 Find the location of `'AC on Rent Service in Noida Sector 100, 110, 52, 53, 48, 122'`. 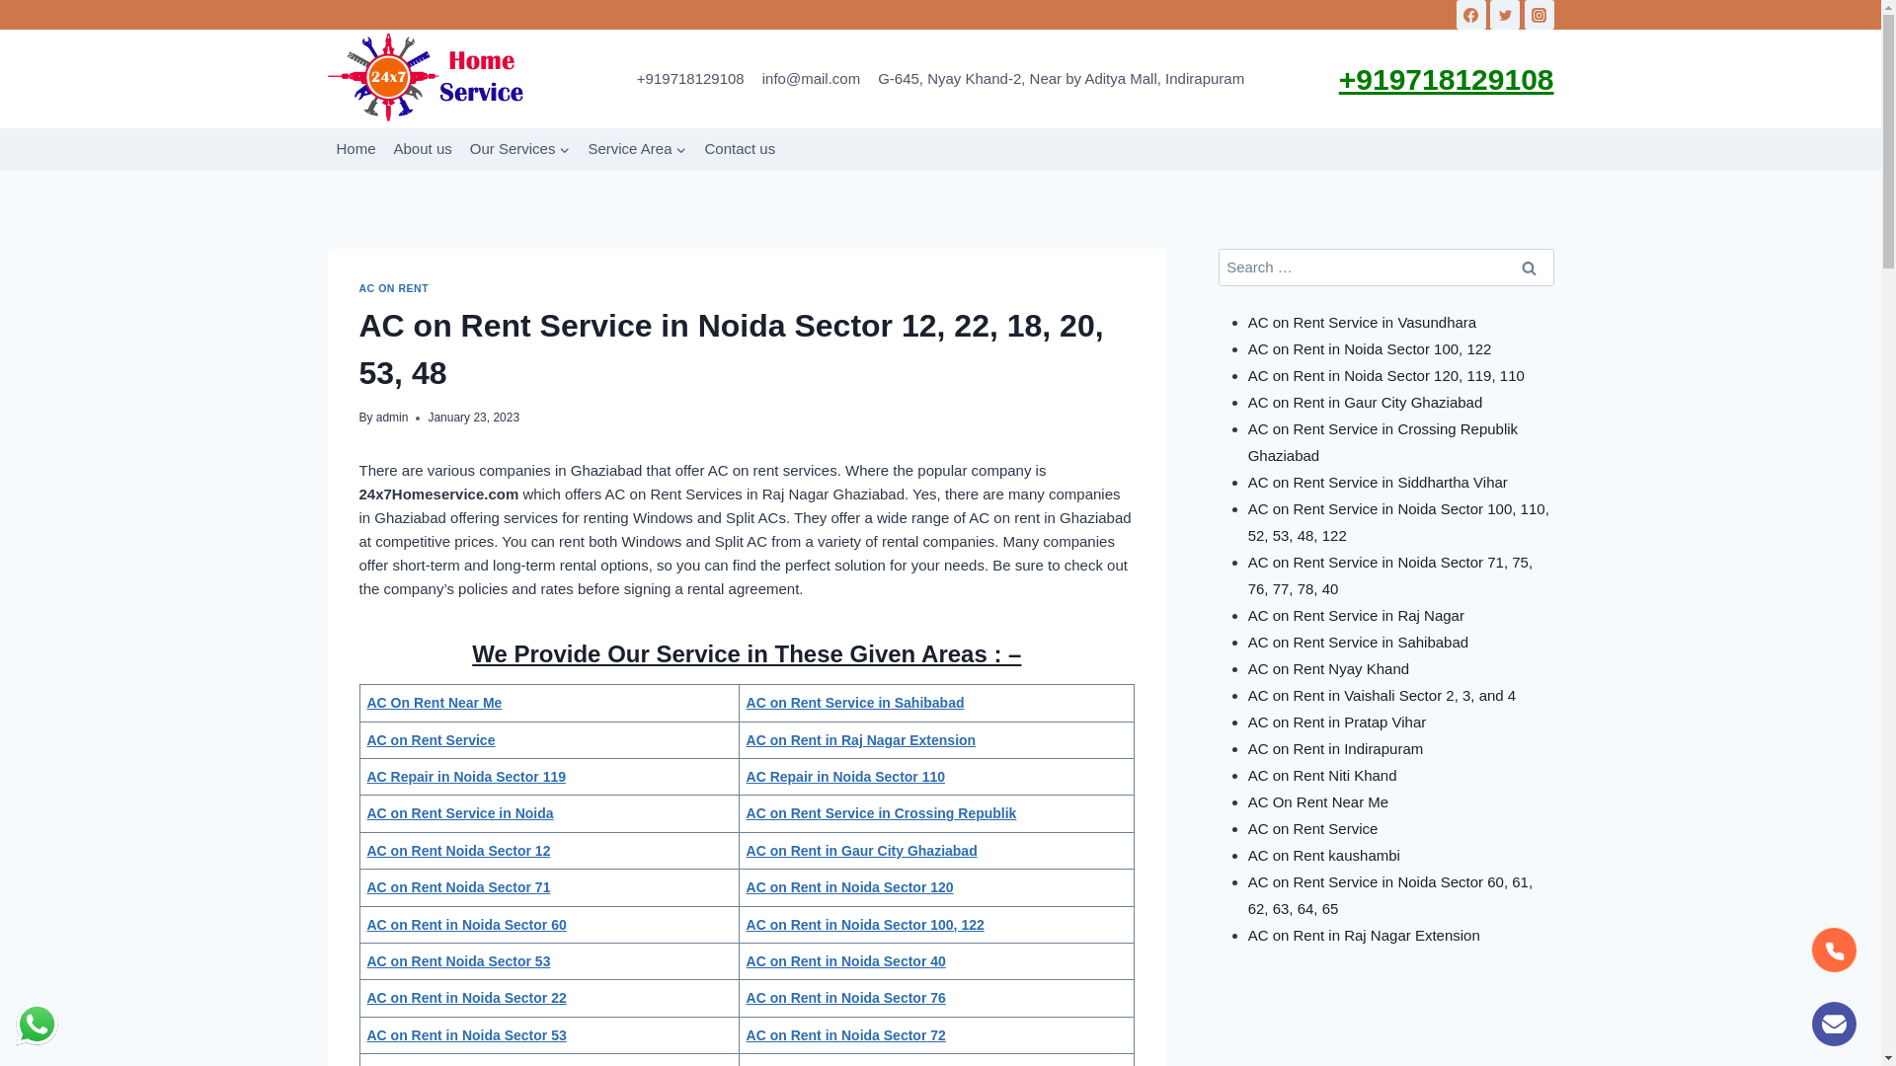

'AC on Rent Service in Noida Sector 100, 110, 52, 53, 48, 122' is located at coordinates (1397, 520).